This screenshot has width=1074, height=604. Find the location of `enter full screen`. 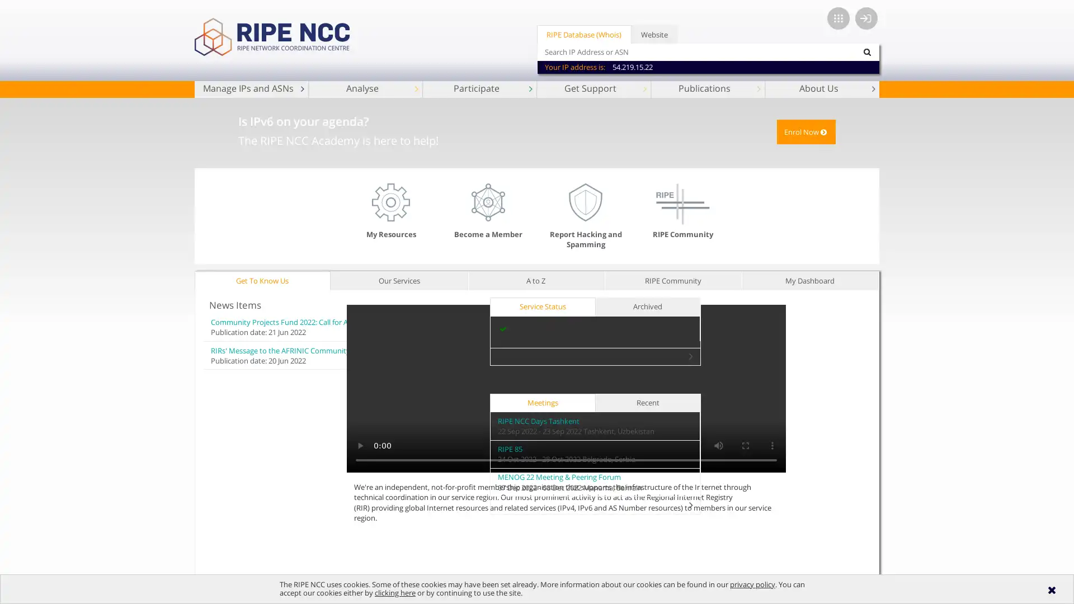

enter full screen is located at coordinates (830, 444).